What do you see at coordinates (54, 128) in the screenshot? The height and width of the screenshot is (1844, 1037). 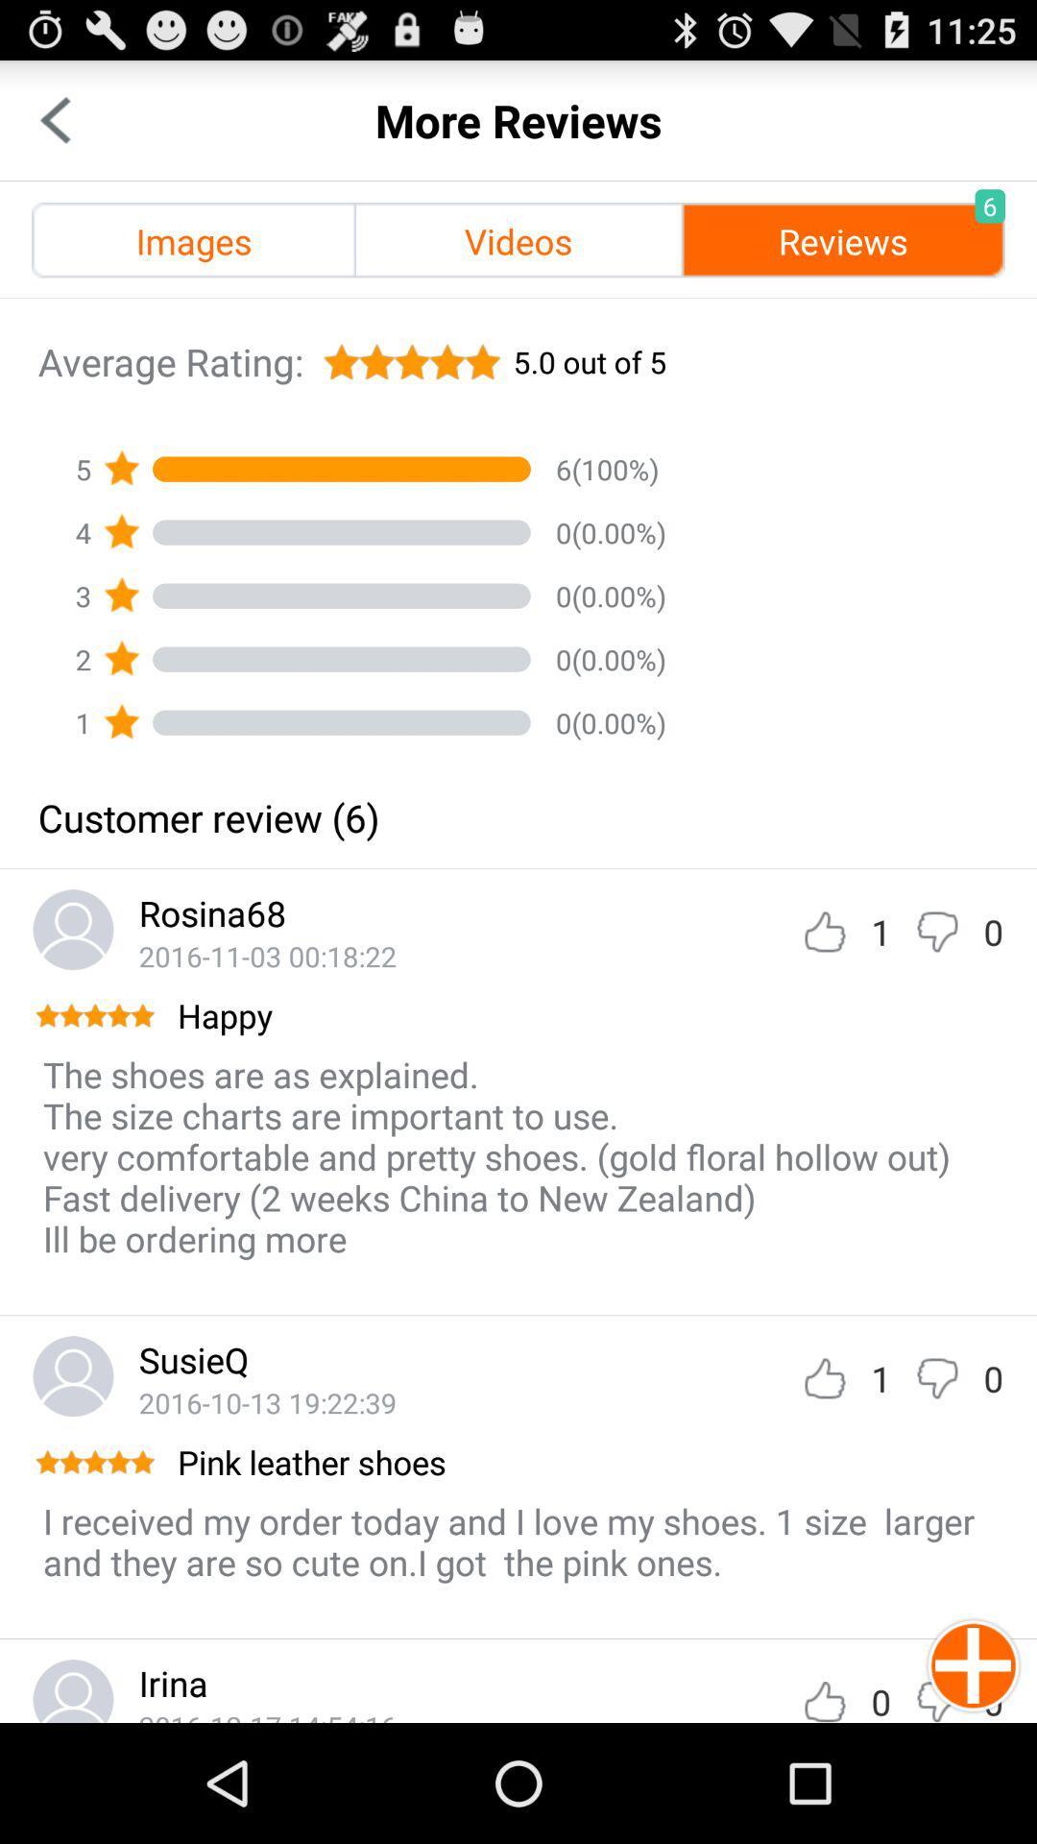 I see `the arrow_backward icon` at bounding box center [54, 128].